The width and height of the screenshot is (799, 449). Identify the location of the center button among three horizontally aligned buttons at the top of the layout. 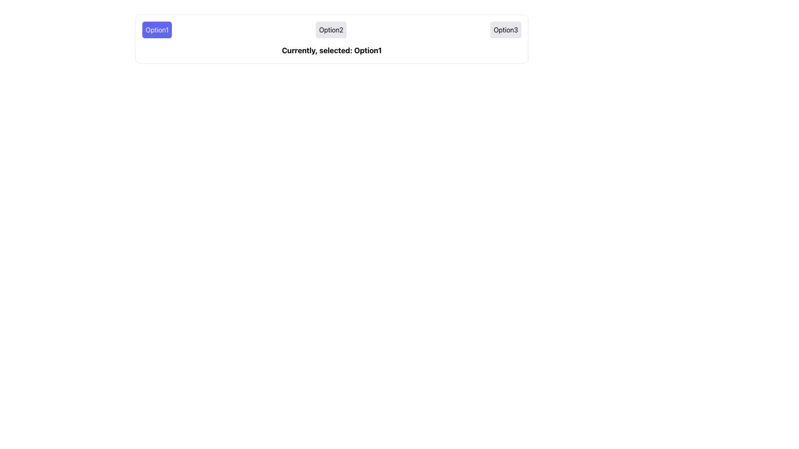
(330, 30).